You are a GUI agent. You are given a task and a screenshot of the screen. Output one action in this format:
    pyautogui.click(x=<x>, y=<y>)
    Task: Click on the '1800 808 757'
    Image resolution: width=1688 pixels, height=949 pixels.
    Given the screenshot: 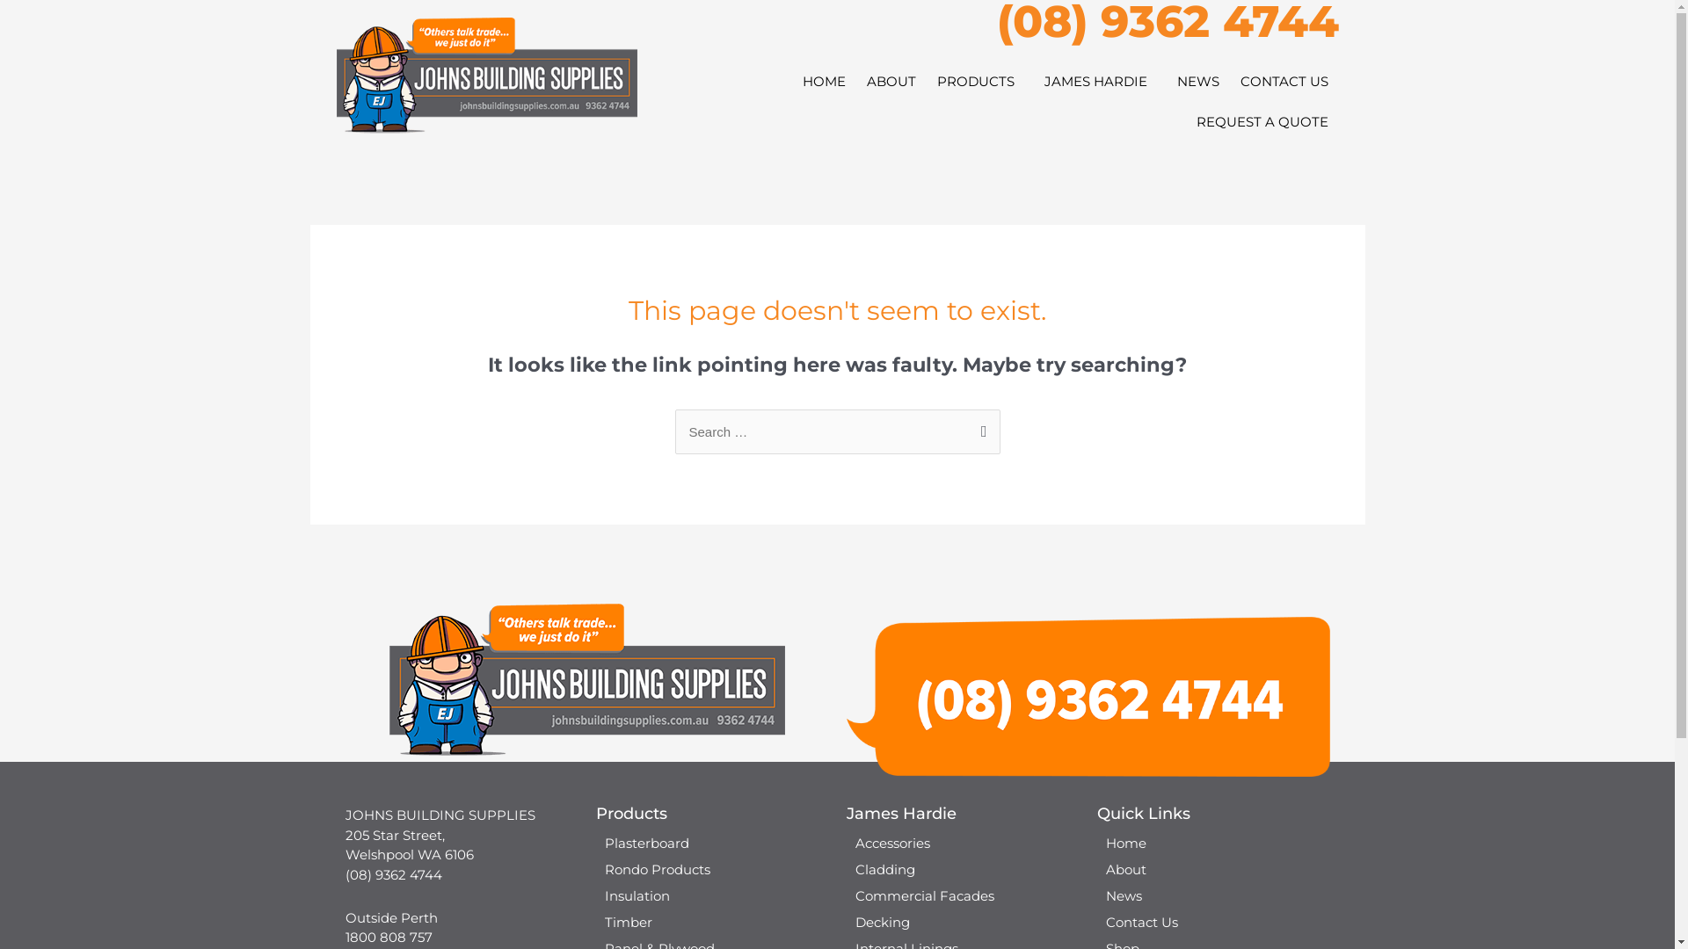 What is the action you would take?
    pyautogui.click(x=387, y=936)
    